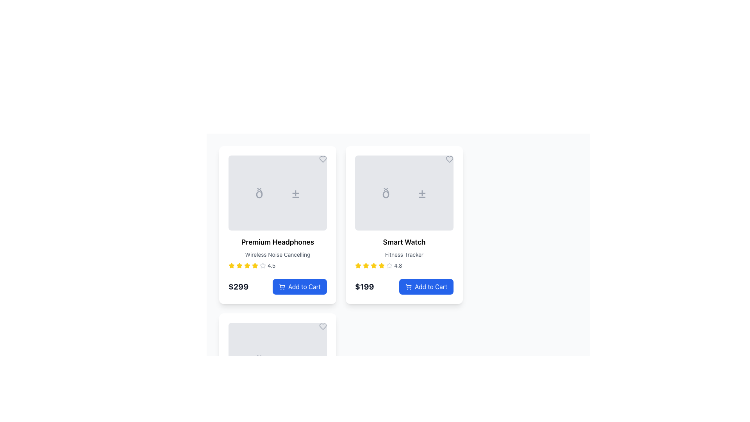 Image resolution: width=750 pixels, height=422 pixels. I want to click on the middle star icon representing a 4.8-star rating in the rating section of the 'Smart Watch' product card, so click(357, 265).